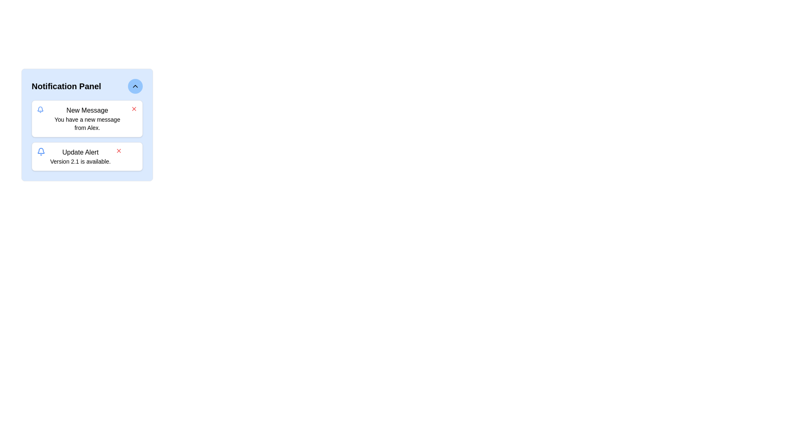 This screenshot has height=444, width=790. What do you see at coordinates (87, 110) in the screenshot?
I see `text of the primary heading of the first notification item in the Notification Panel, located above the message from Alex` at bounding box center [87, 110].